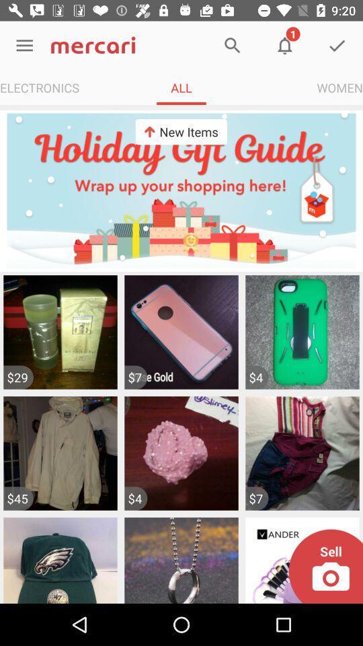 This screenshot has height=646, width=363. Describe the element at coordinates (40, 87) in the screenshot. I see `icon to the left of all icon` at that location.